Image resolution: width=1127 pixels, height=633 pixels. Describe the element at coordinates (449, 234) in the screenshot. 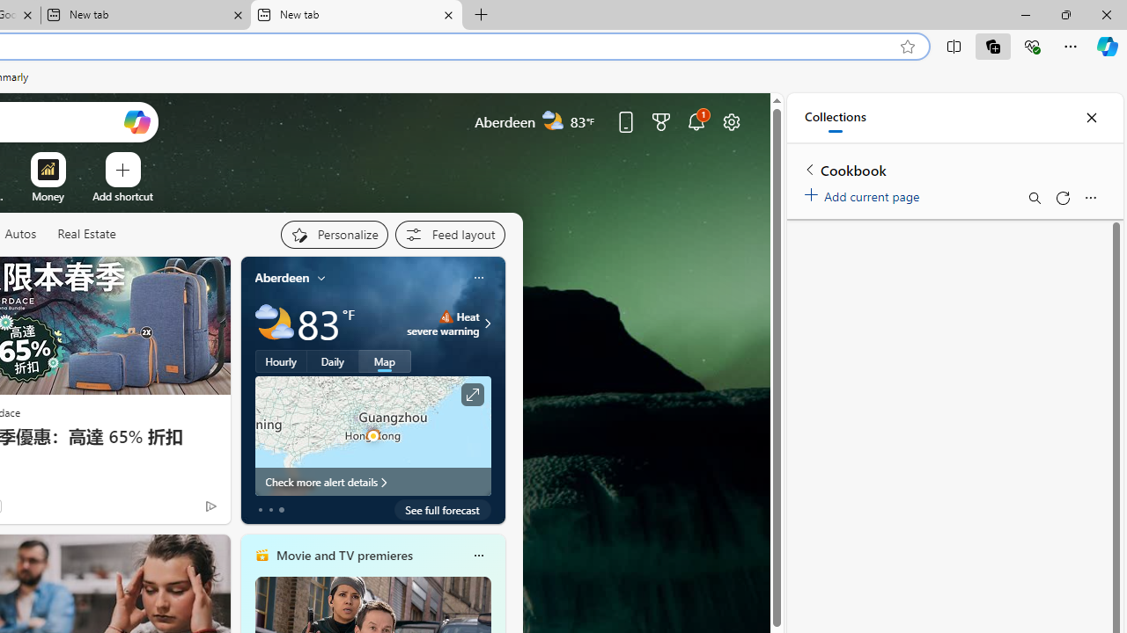

I see `'Feed settings'` at that location.